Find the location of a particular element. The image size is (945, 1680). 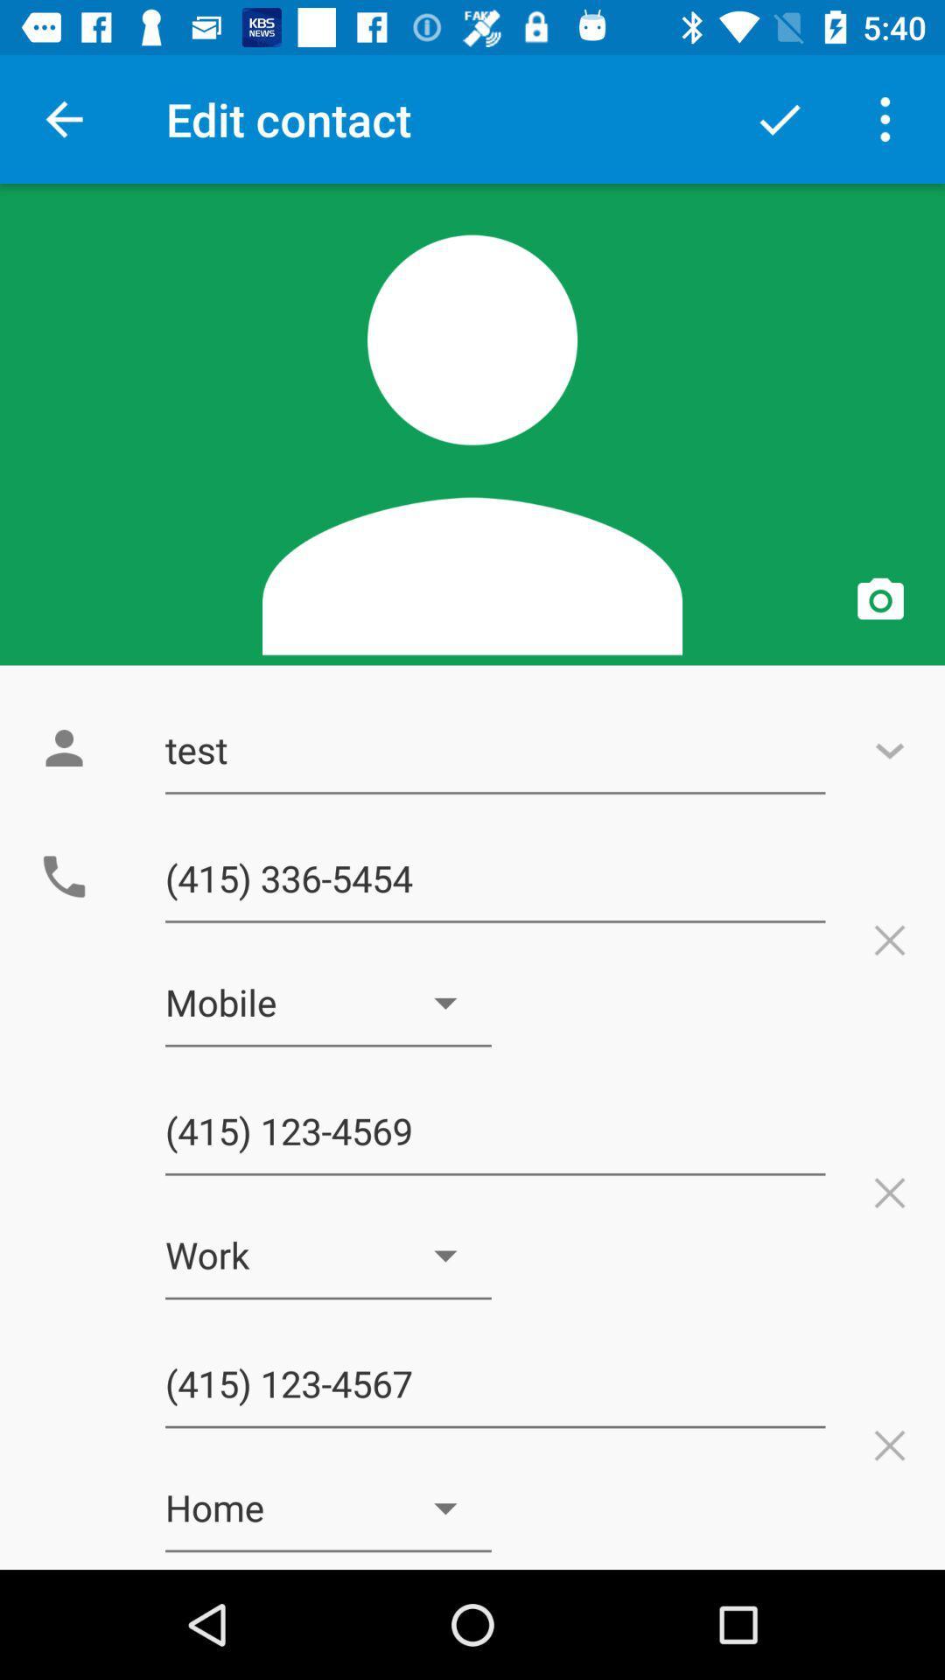

option left to menu button at top right is located at coordinates (779, 119).